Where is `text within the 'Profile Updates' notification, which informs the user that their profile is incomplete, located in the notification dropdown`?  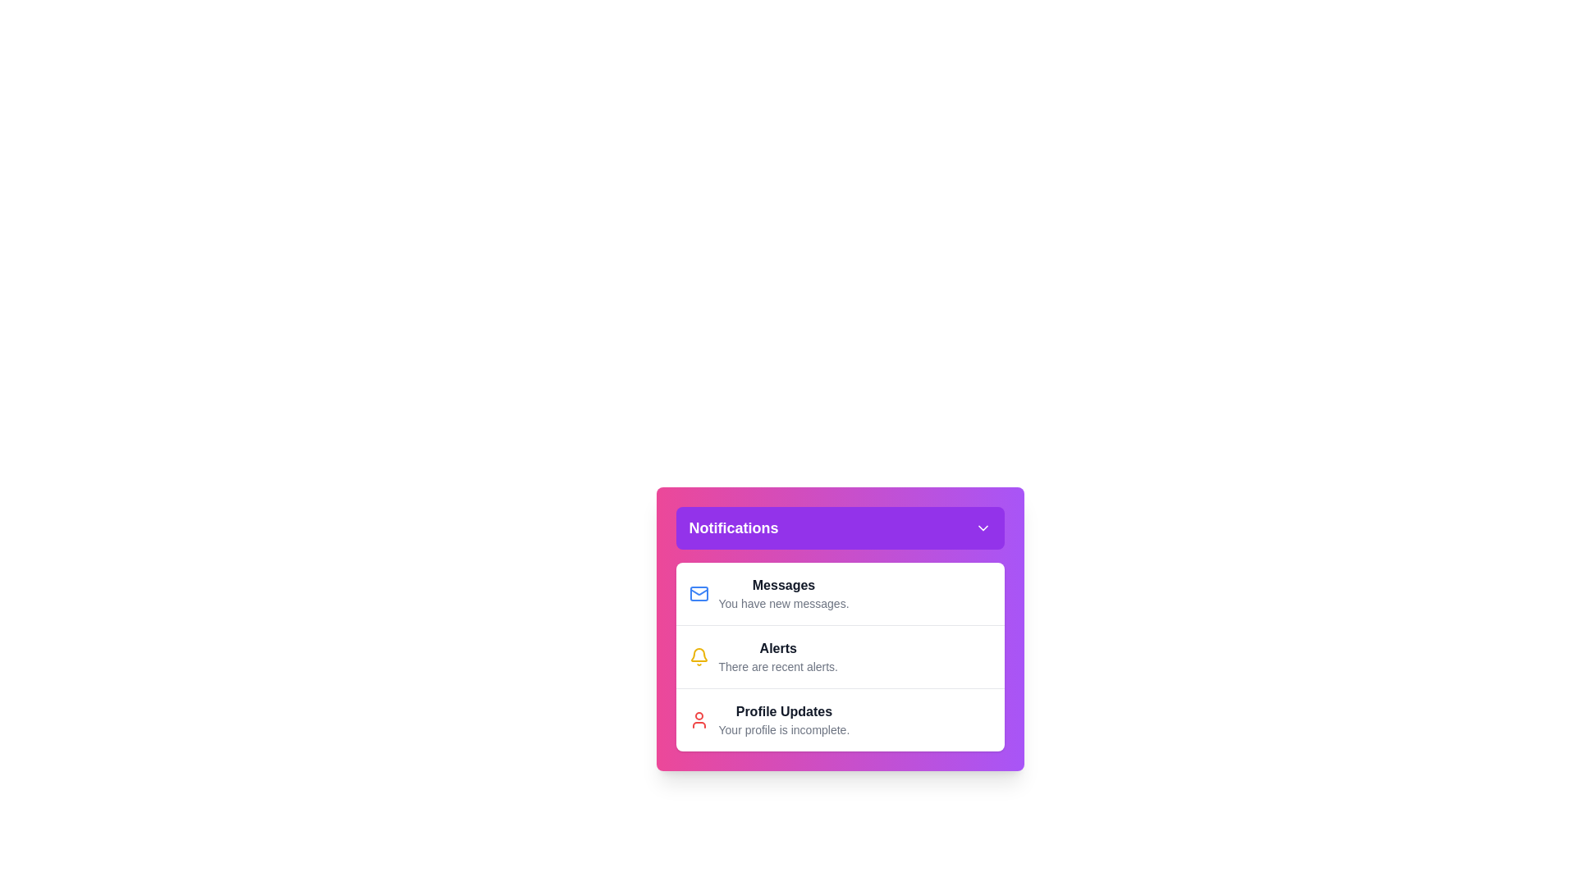
text within the 'Profile Updates' notification, which informs the user that their profile is incomplete, located in the notification dropdown is located at coordinates (783, 719).